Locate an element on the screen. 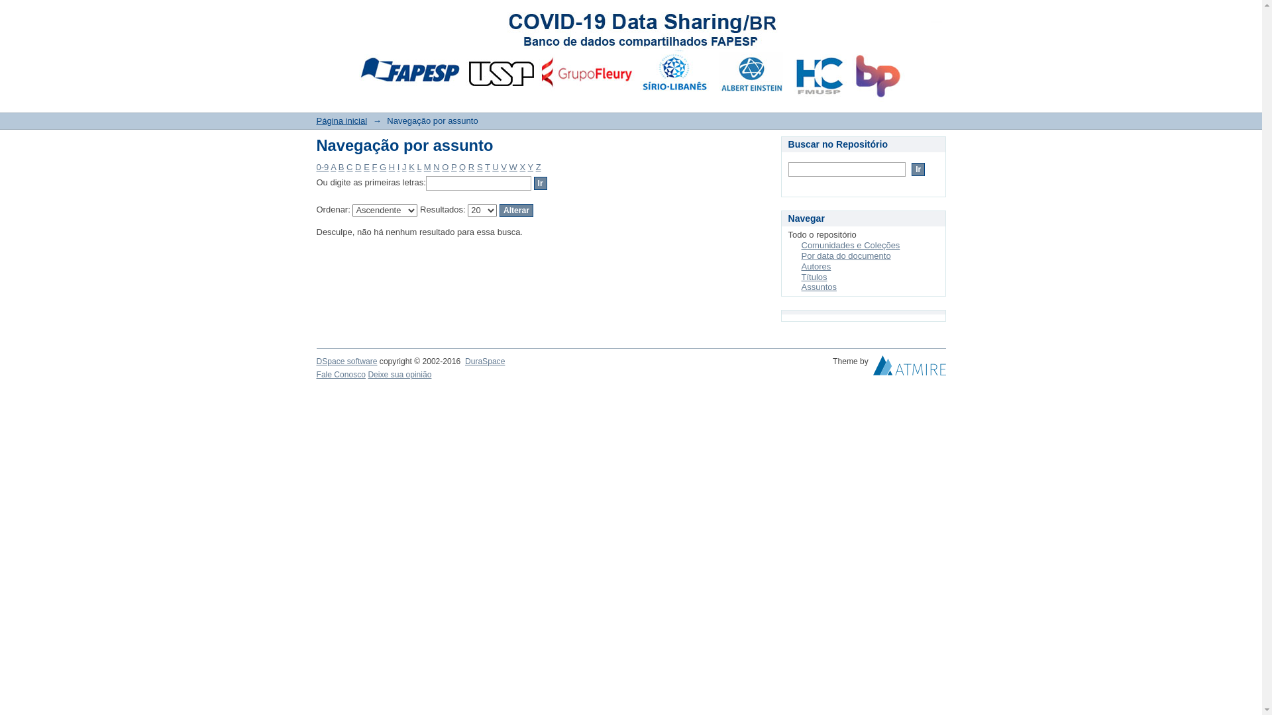 This screenshot has height=715, width=1272. 'J' is located at coordinates (403, 166).